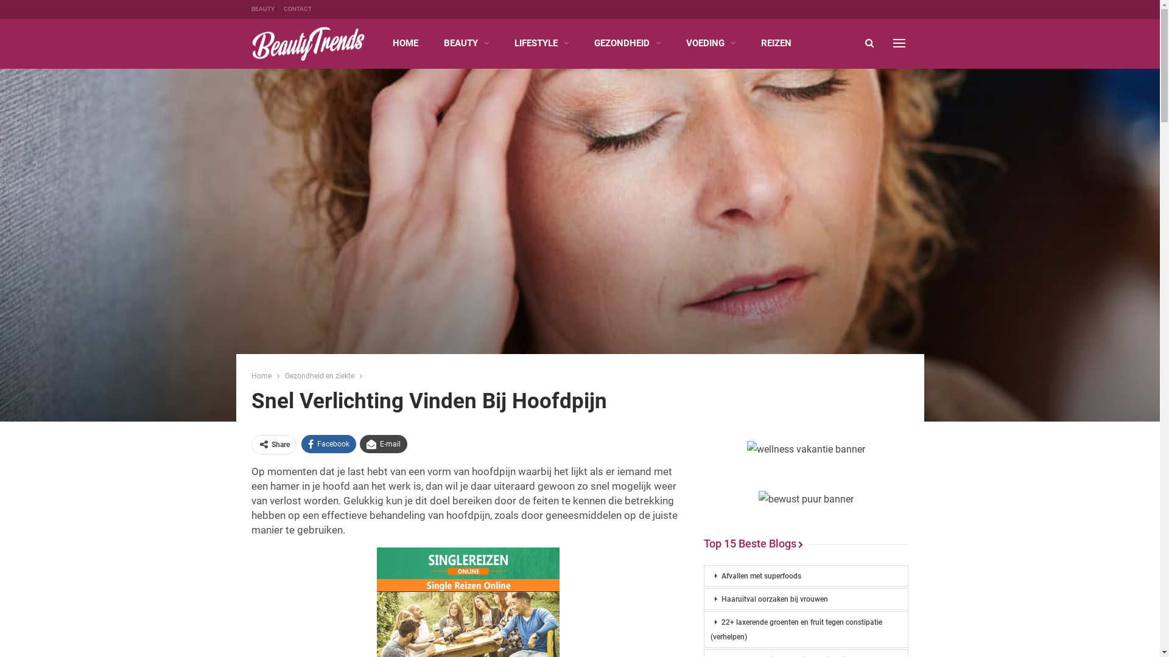  I want to click on 'LIFESTYLE', so click(504, 42).